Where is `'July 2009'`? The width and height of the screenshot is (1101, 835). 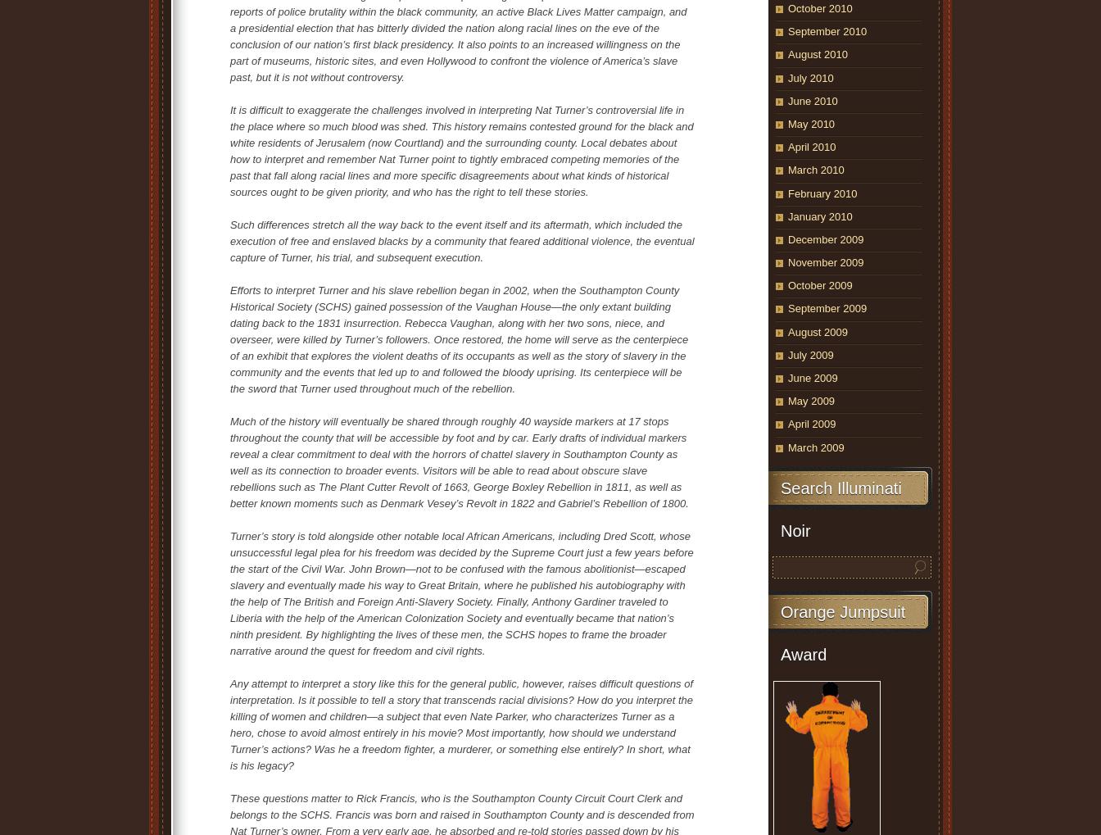 'July 2009' is located at coordinates (810, 354).